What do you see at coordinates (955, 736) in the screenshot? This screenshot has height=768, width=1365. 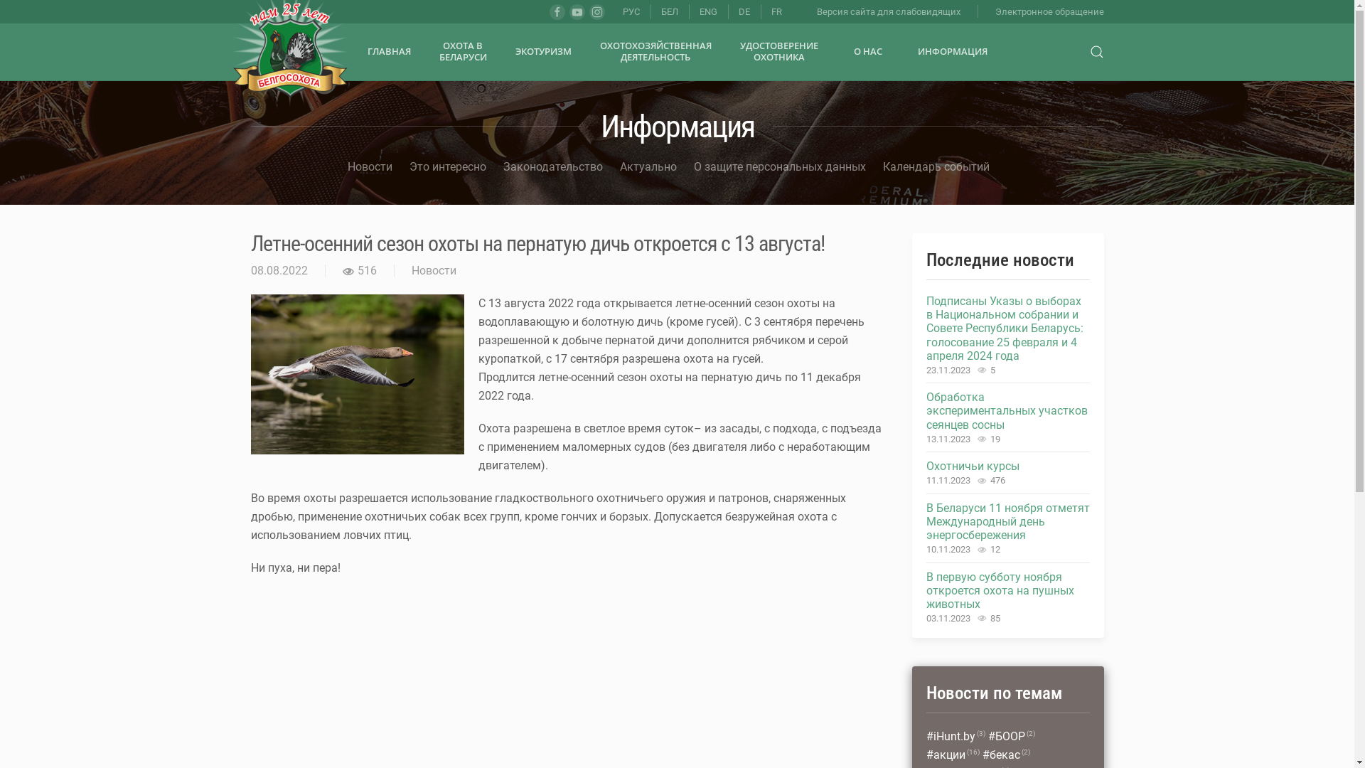 I see `'iHunt.by (3)'` at bounding box center [955, 736].